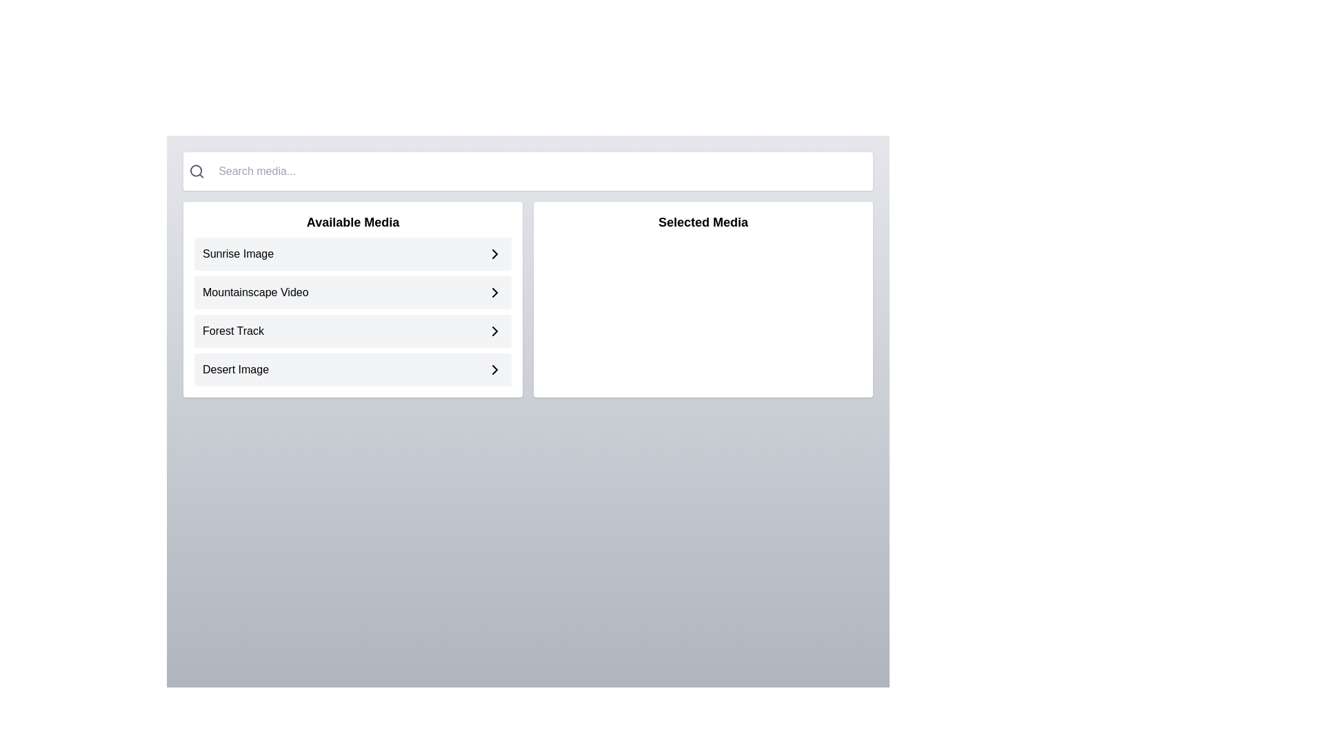 The width and height of the screenshot is (1324, 744). What do you see at coordinates (255, 291) in the screenshot?
I see `the text label in the second row under the 'Available Media' section, which displays the name of a media item` at bounding box center [255, 291].